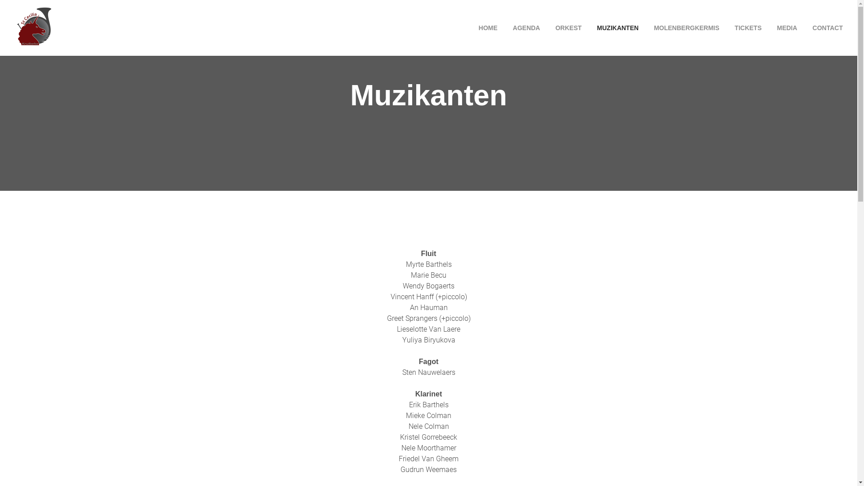  What do you see at coordinates (647, 27) in the screenshot?
I see `'MOLENBERGKERMIS'` at bounding box center [647, 27].